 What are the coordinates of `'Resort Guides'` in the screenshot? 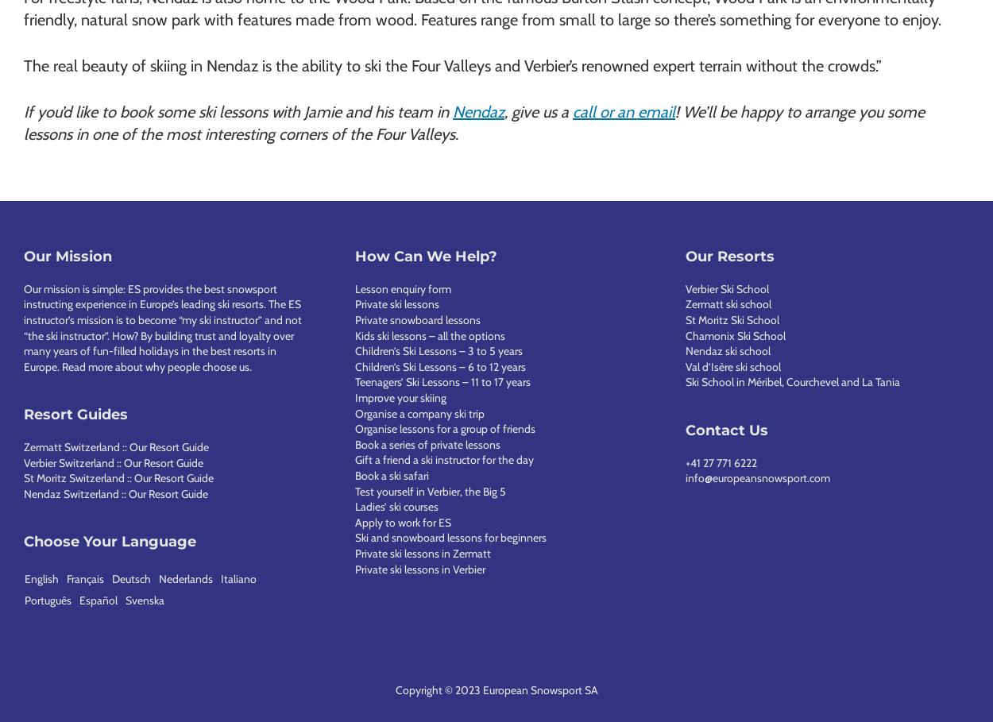 It's located at (75, 414).